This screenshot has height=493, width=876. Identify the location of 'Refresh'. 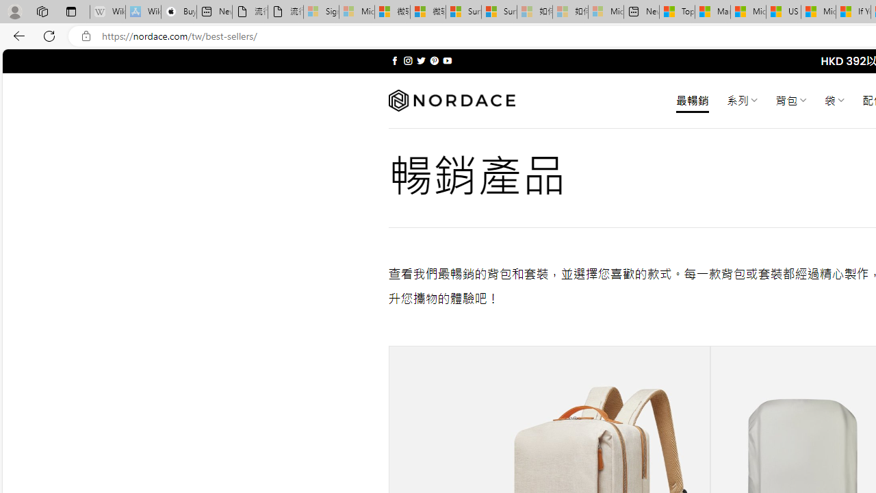
(49, 35).